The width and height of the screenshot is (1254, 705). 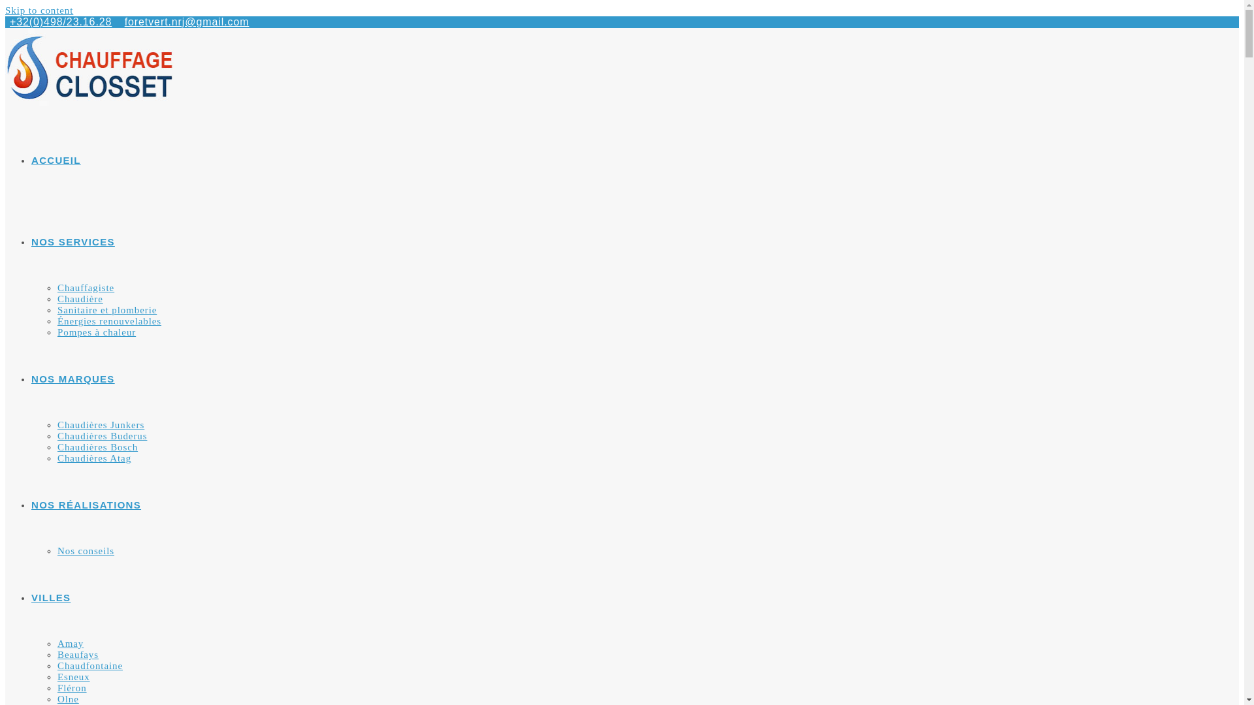 I want to click on 'Nos conseils', so click(x=85, y=551).